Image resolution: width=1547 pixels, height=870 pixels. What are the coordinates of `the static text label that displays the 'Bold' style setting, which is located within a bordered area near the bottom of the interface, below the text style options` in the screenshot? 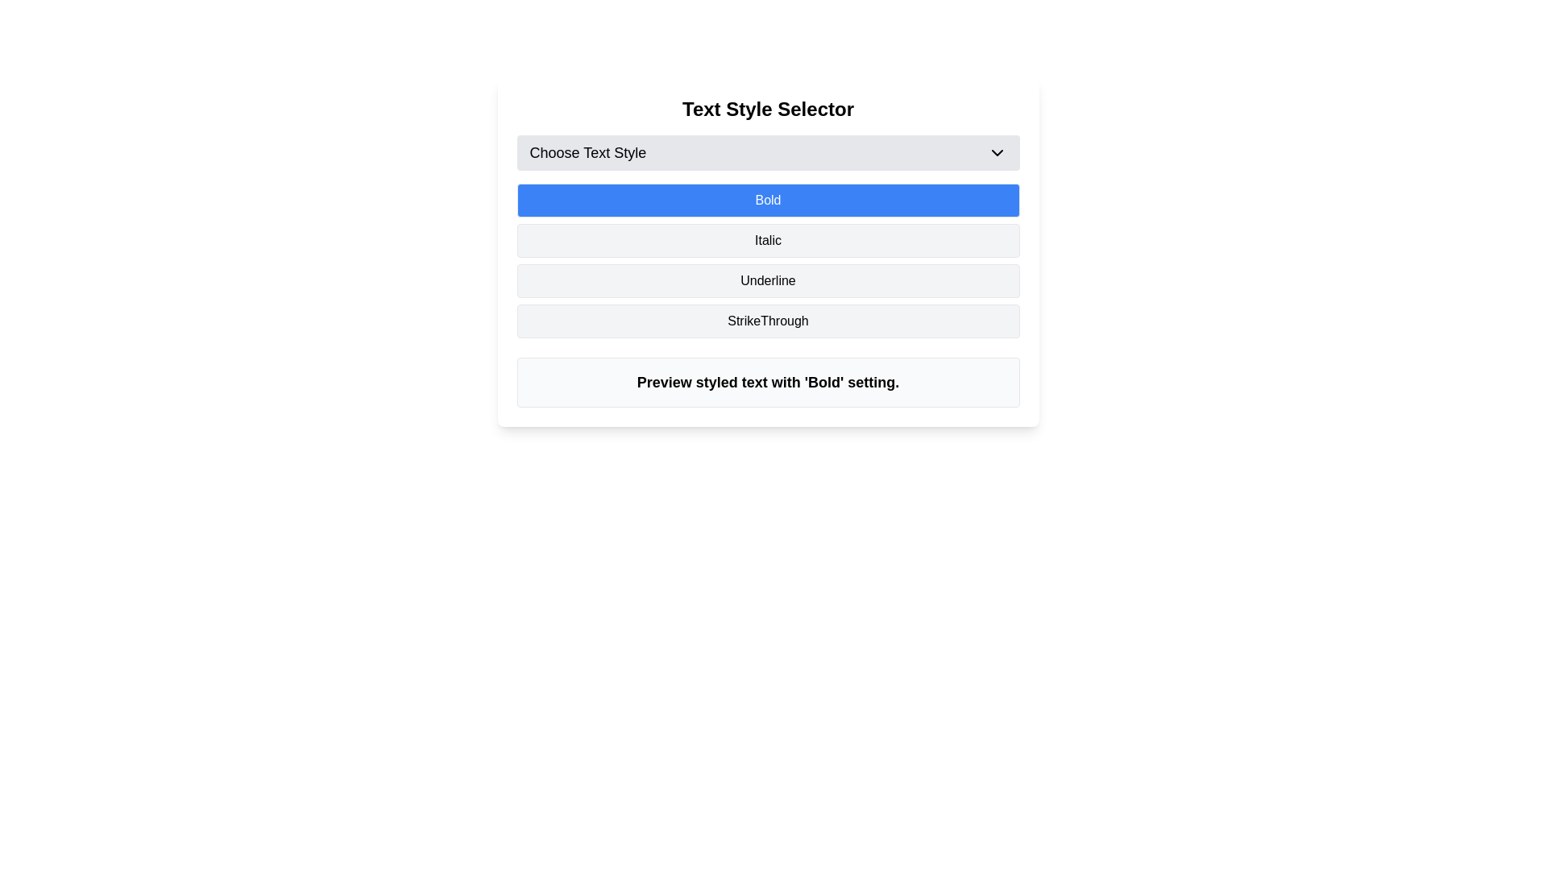 It's located at (767, 382).